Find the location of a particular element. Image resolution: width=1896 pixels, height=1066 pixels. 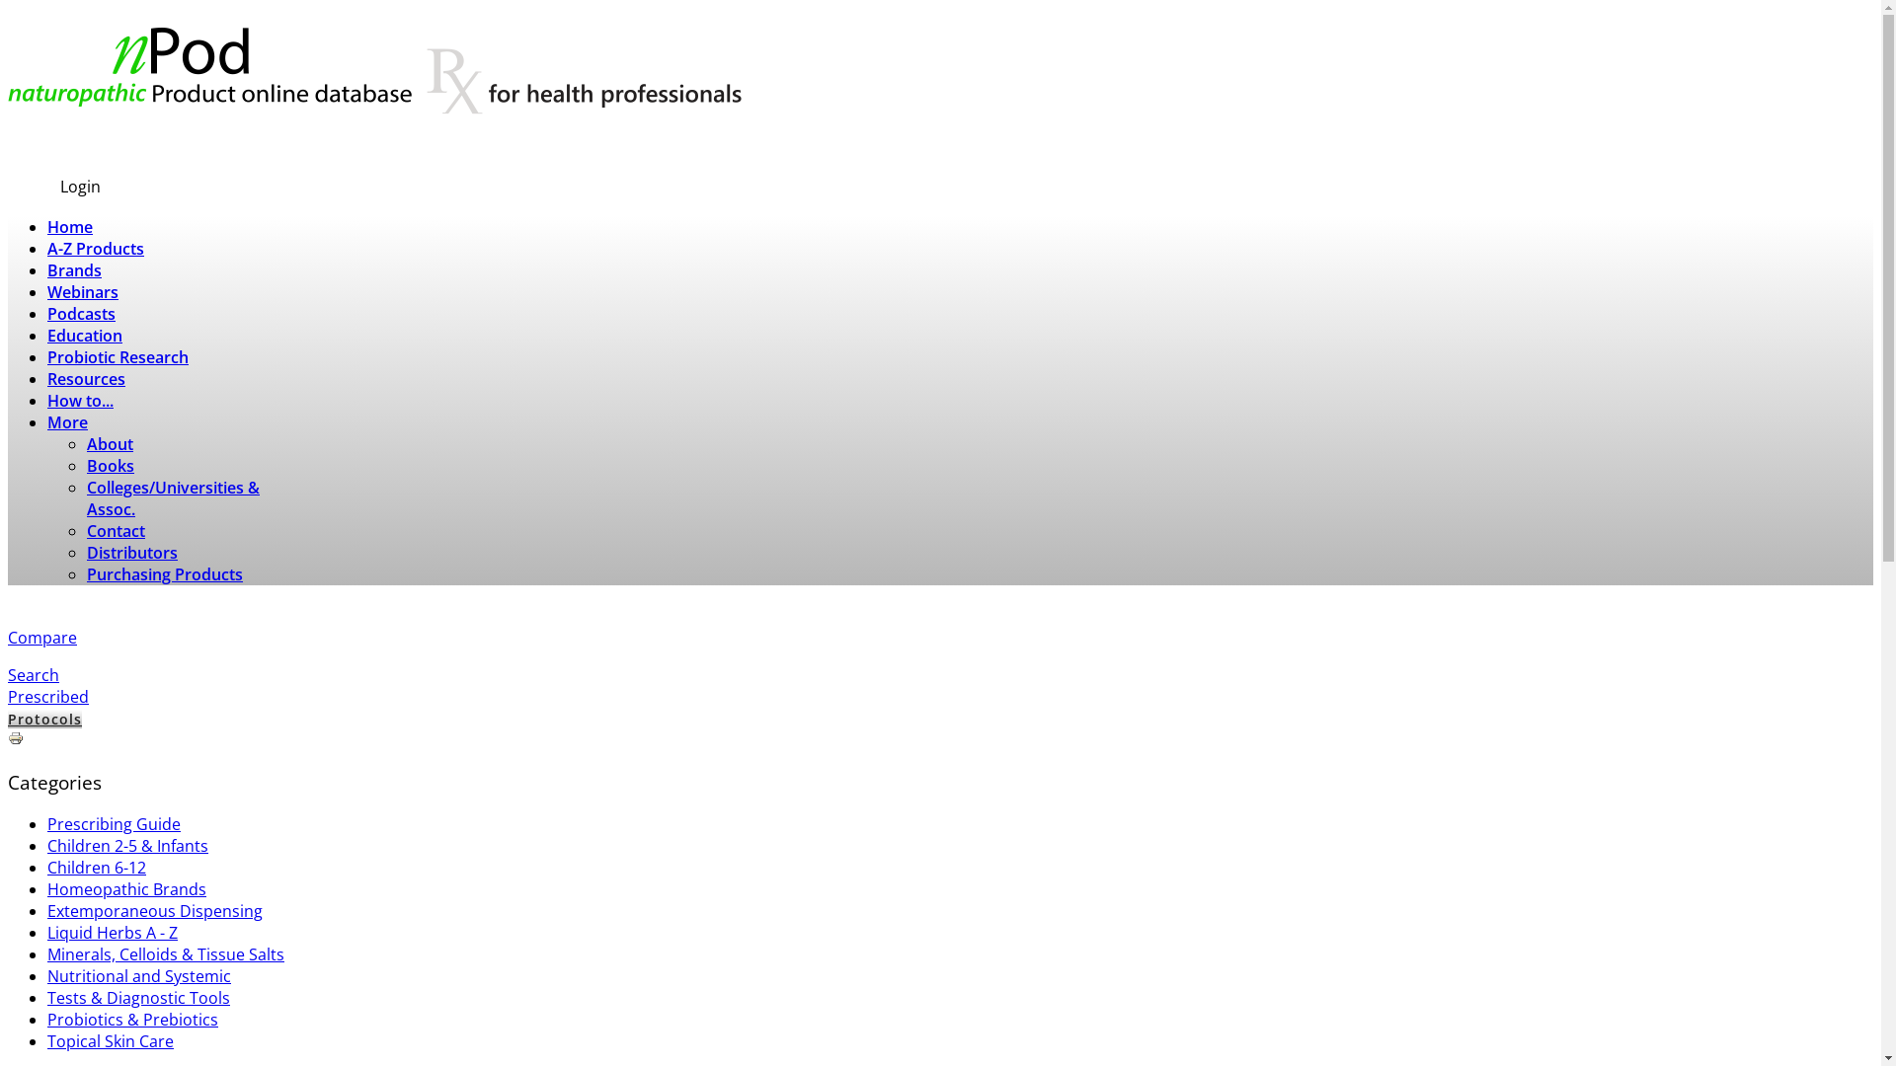

'Prescribing Guide' is located at coordinates (113, 823).